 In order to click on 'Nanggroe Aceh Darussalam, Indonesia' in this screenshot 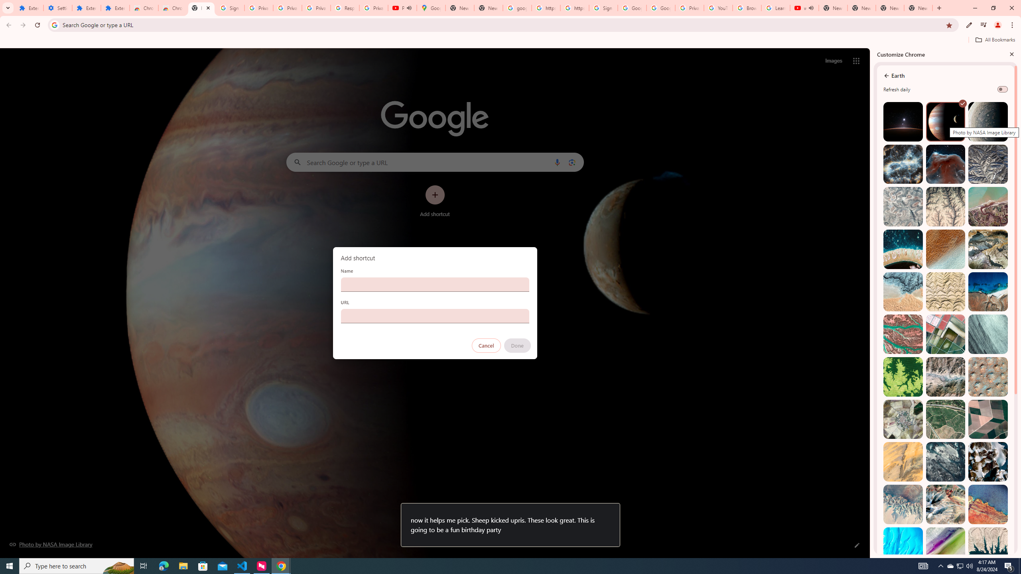, I will do `click(987, 206)`.